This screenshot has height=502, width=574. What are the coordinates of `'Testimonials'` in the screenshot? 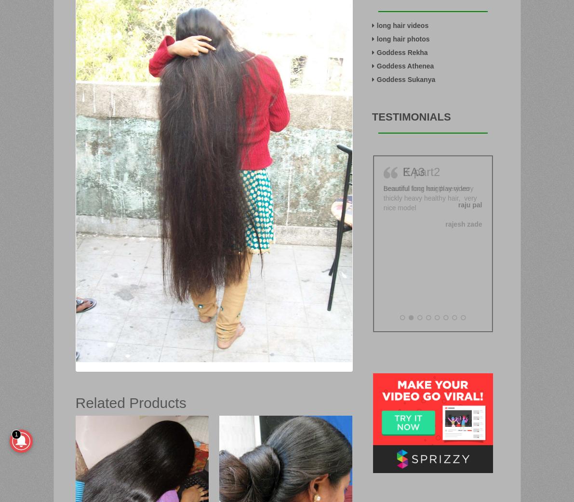 It's located at (411, 116).